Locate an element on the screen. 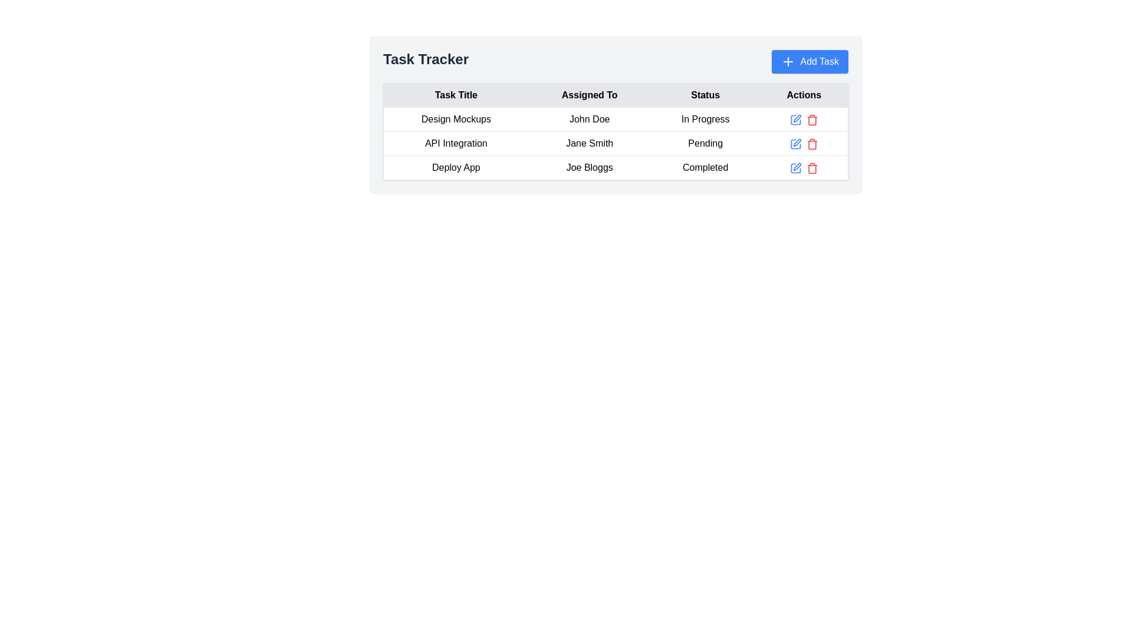 The image size is (1132, 636). task details from the second row of the table within the 'Task Tracker' section, which displays the title, assignee, and status of the task is located at coordinates (615, 143).